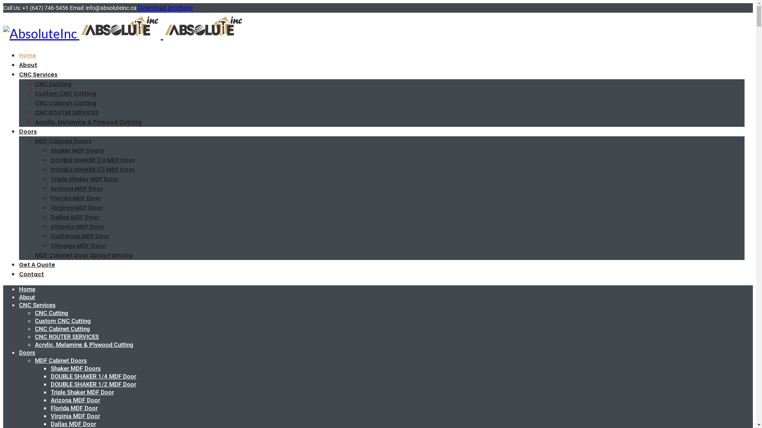  I want to click on 'CNC Cutting', so click(53, 84).